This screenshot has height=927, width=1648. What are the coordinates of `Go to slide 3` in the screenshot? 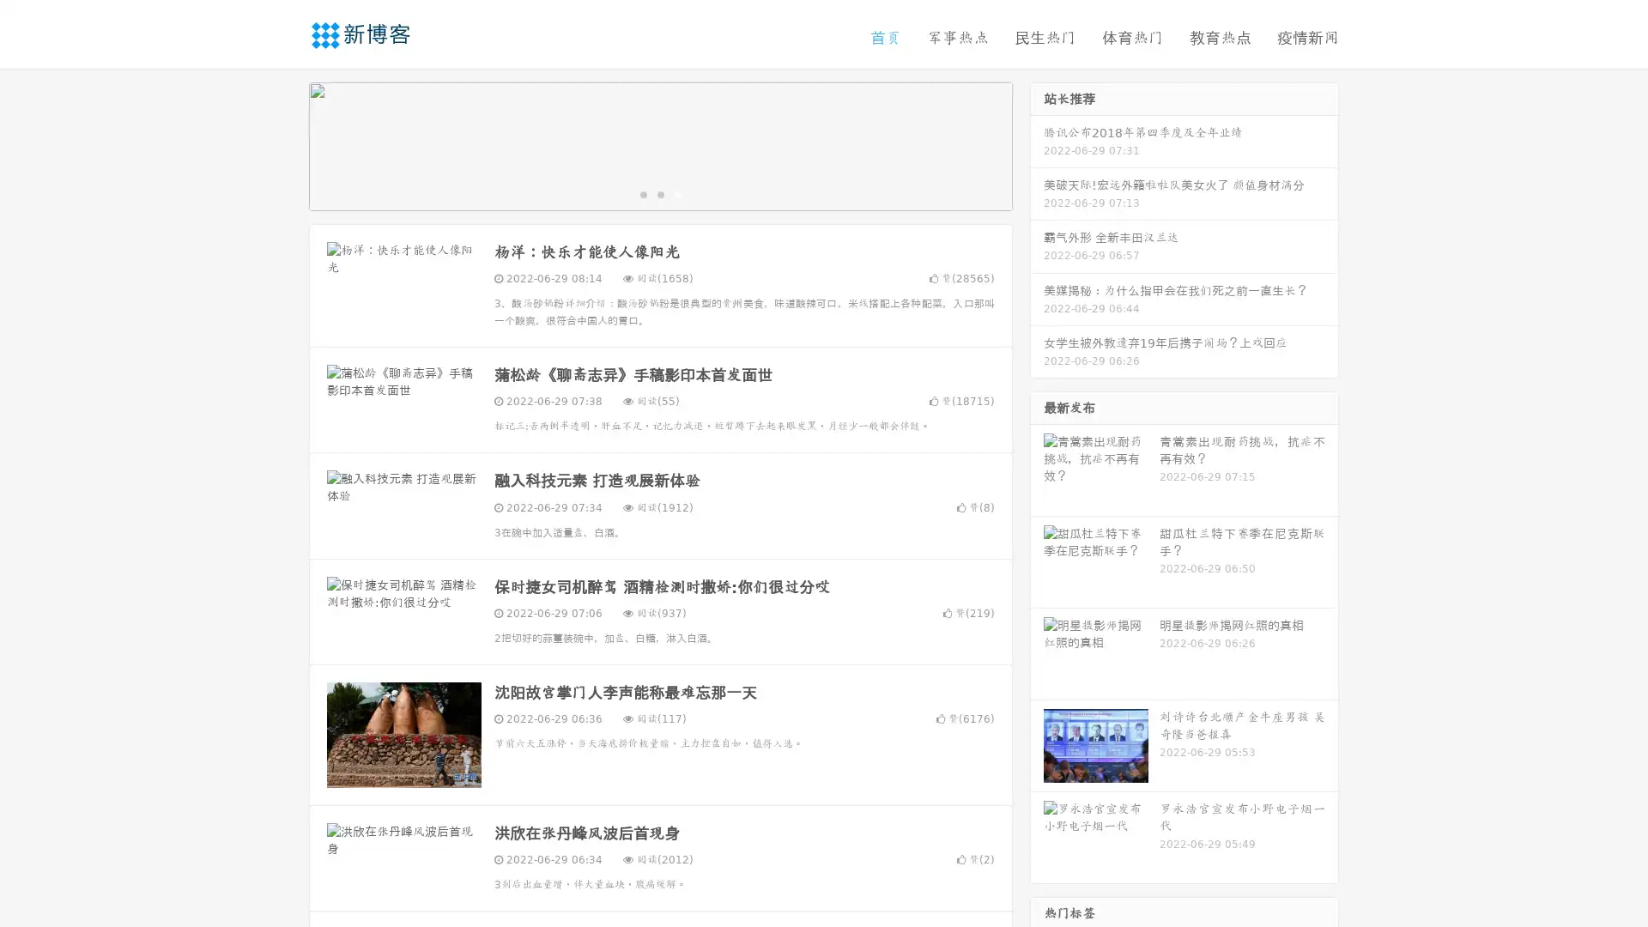 It's located at (677, 193).